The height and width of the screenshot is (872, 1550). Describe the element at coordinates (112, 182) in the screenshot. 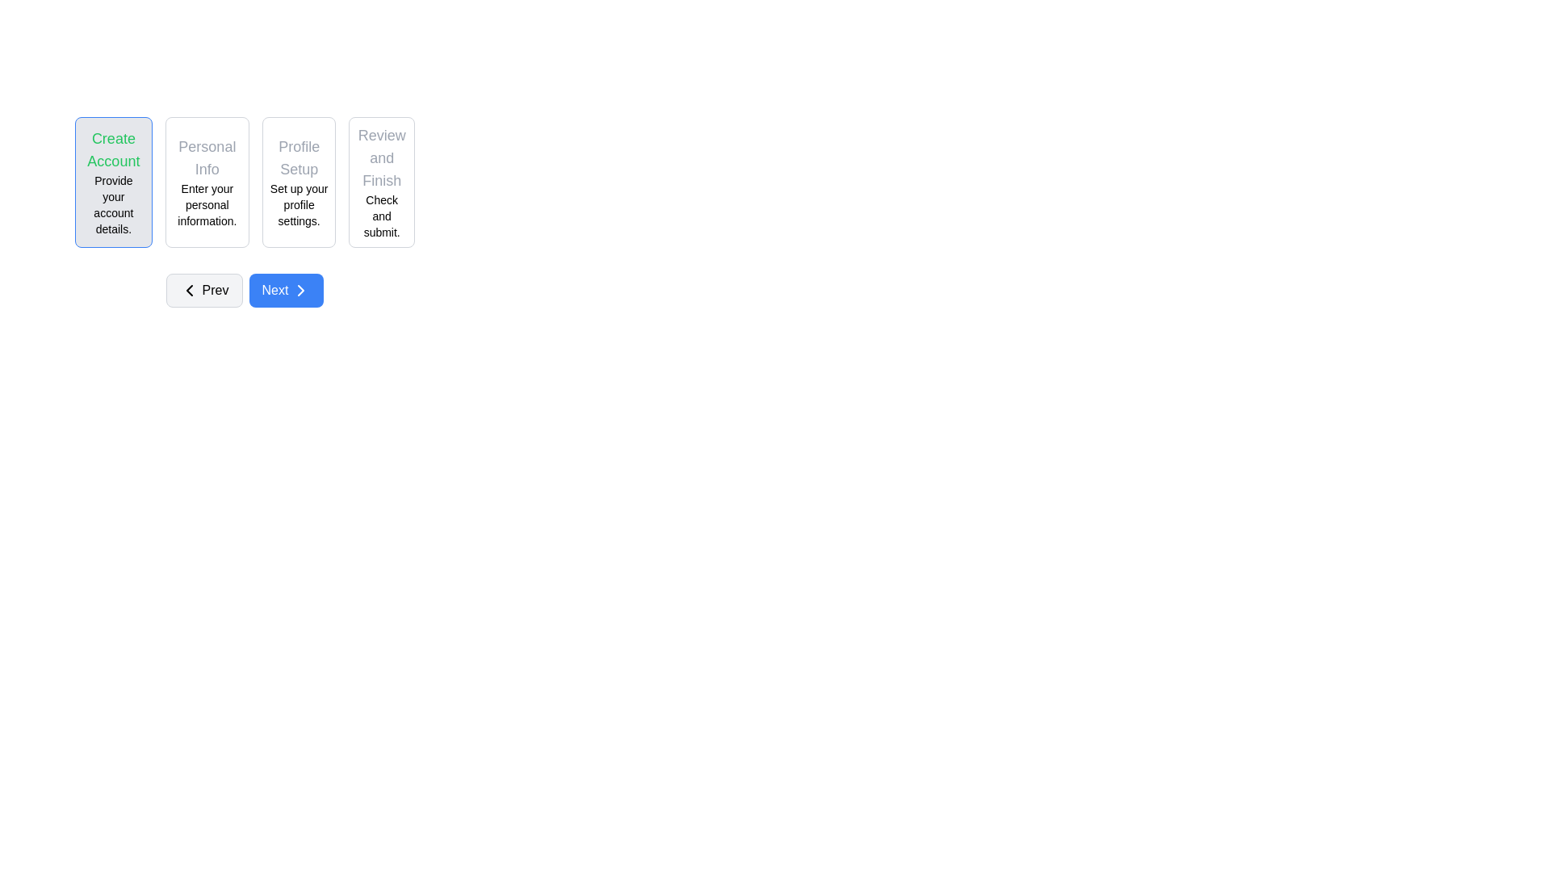

I see `the static text component that displays the title and description of the 'Create Account' step in the step indicator module` at that location.